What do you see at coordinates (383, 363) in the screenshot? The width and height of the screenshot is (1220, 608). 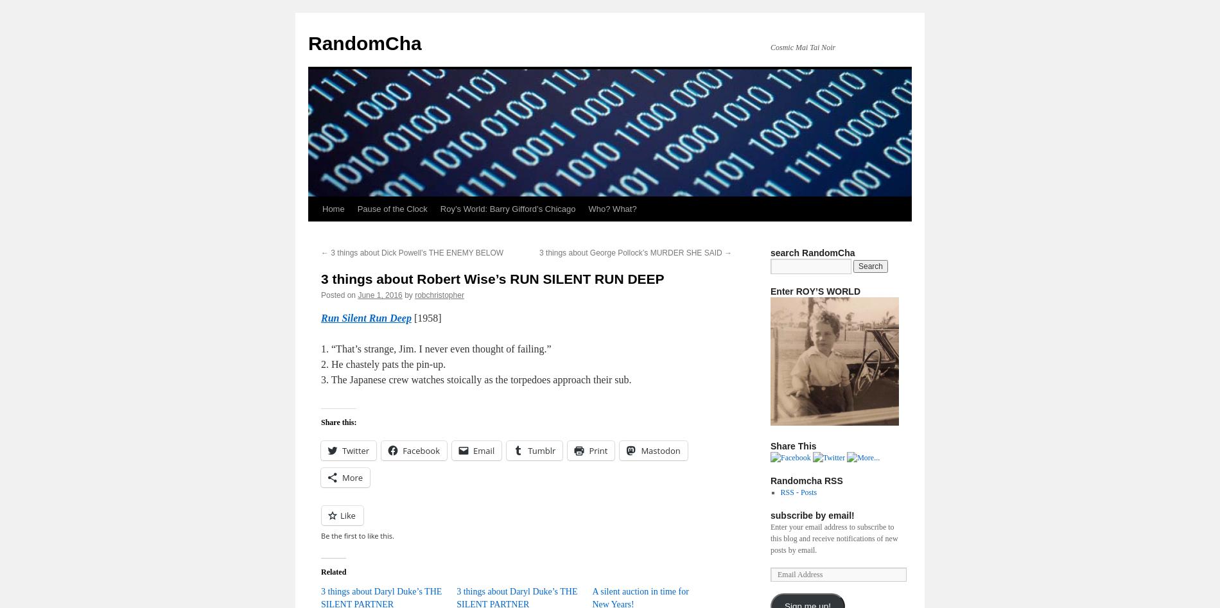 I see `'2. He chastely pats the pin-up.'` at bounding box center [383, 363].